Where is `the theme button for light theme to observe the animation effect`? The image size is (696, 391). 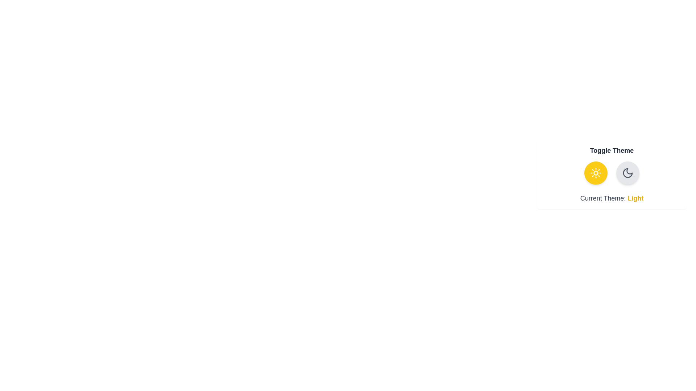 the theme button for light theme to observe the animation effect is located at coordinates (596, 173).